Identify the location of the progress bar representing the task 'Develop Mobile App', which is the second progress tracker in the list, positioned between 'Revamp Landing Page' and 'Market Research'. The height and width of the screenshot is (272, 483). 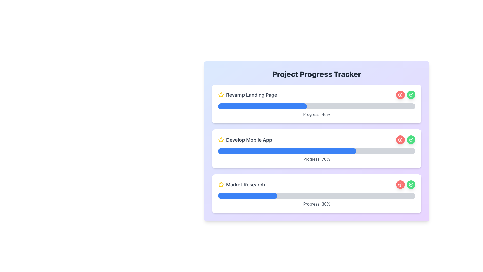
(287, 151).